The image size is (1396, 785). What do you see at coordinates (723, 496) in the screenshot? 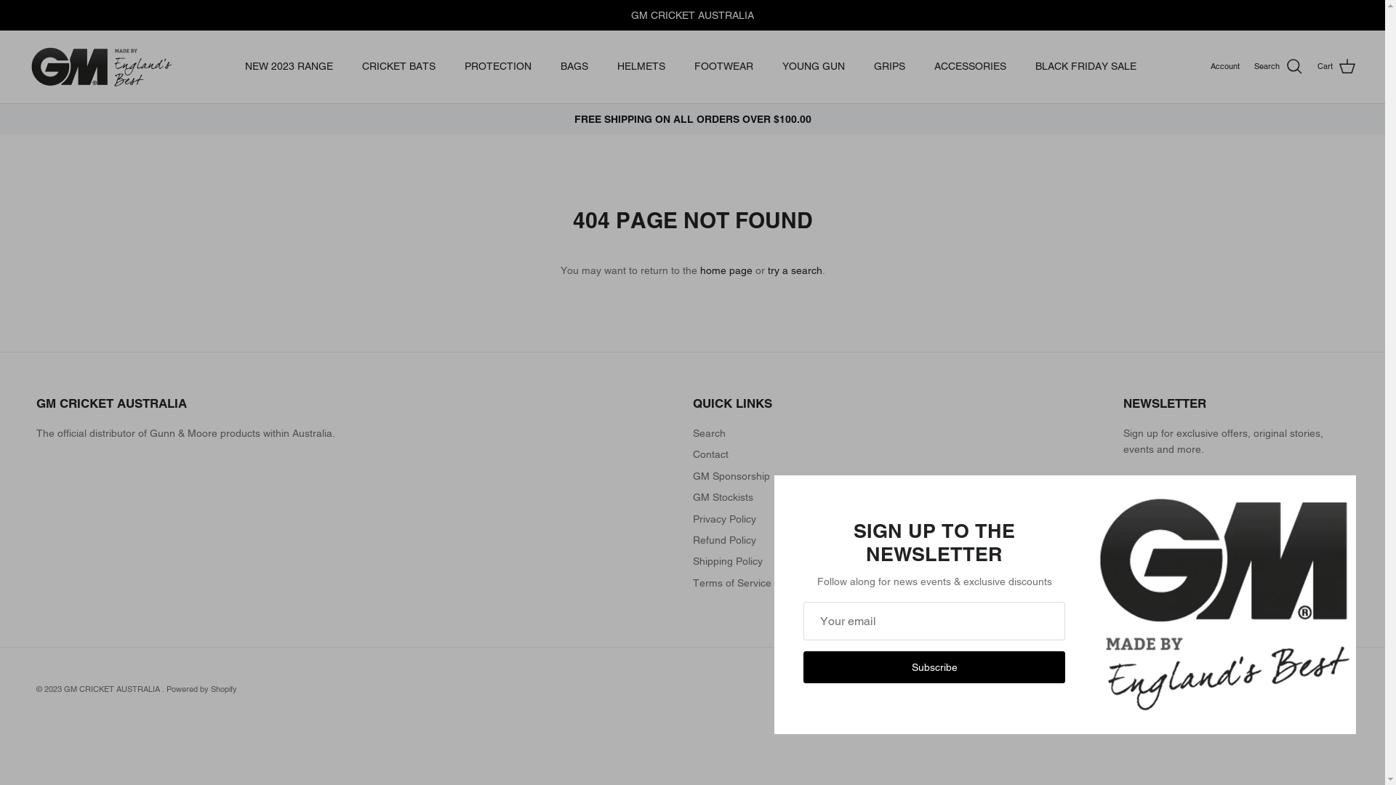
I see `'GM Stockists'` at bounding box center [723, 496].